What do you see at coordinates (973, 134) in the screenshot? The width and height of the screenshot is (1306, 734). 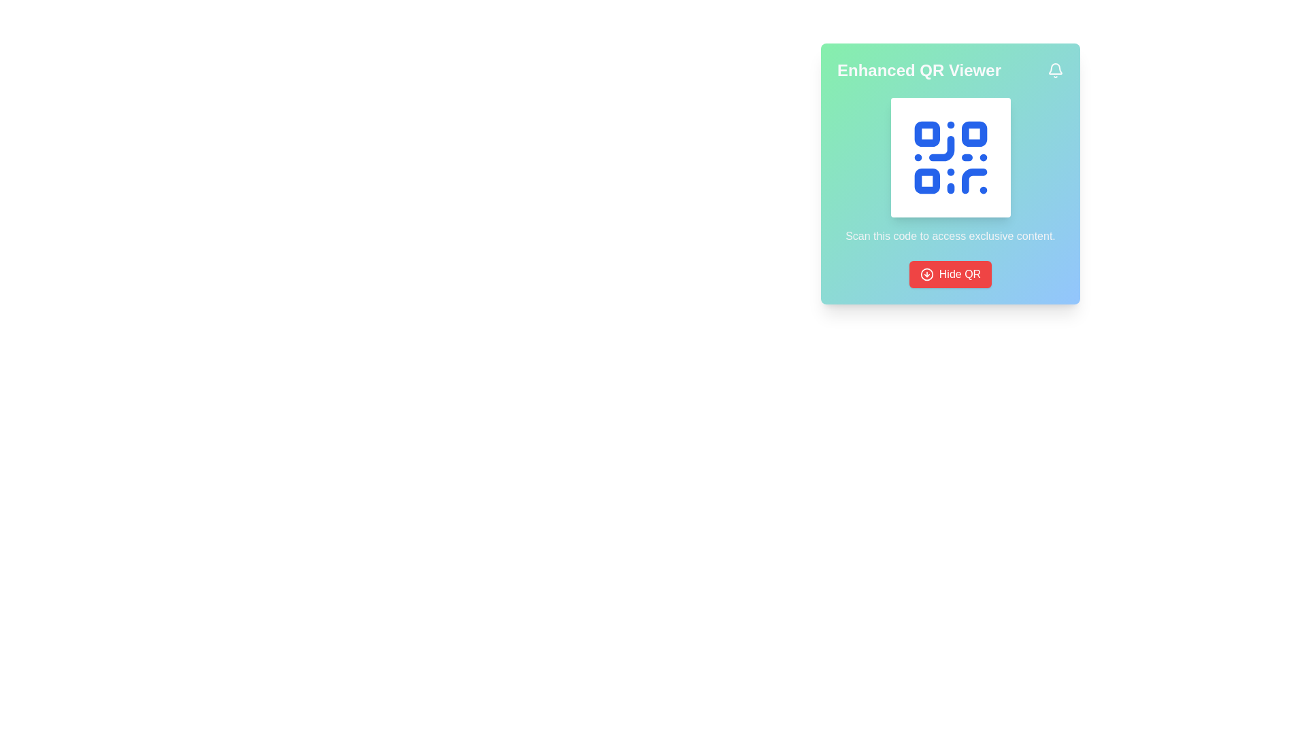 I see `the small blue square with rounded corners located in the upper right corner of the QR code design, which is the second small square among the four corners` at bounding box center [973, 134].